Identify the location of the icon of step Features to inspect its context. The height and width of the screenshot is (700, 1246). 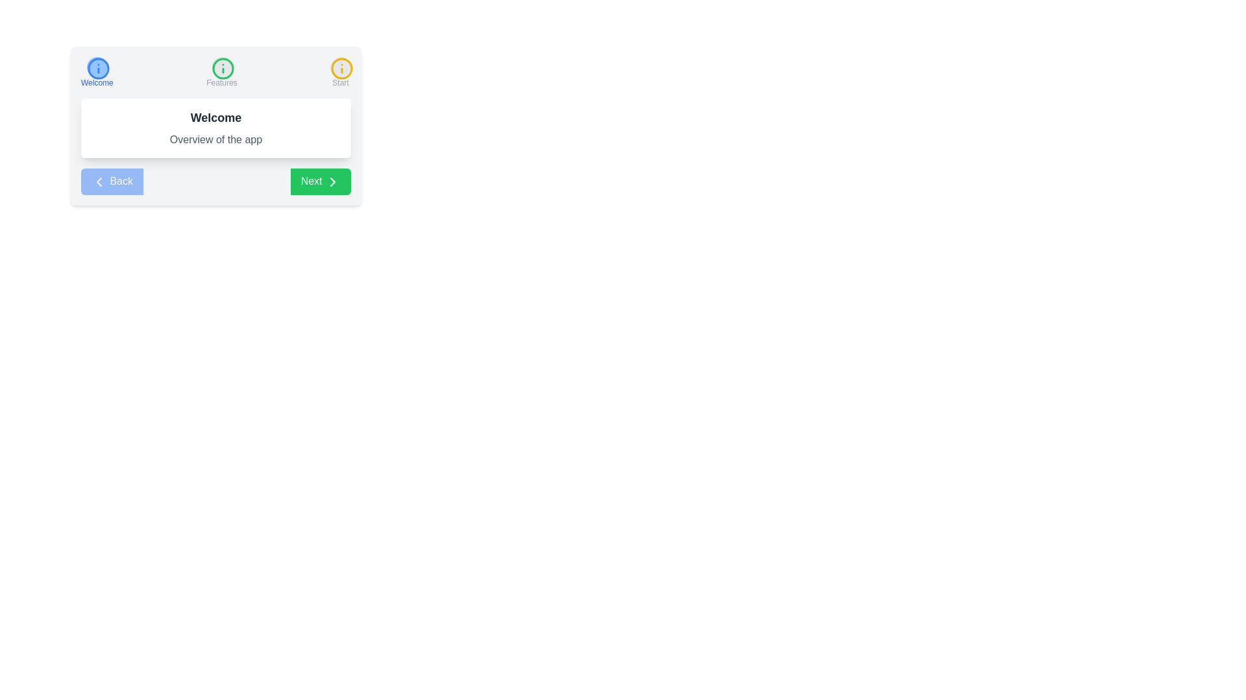
(221, 67).